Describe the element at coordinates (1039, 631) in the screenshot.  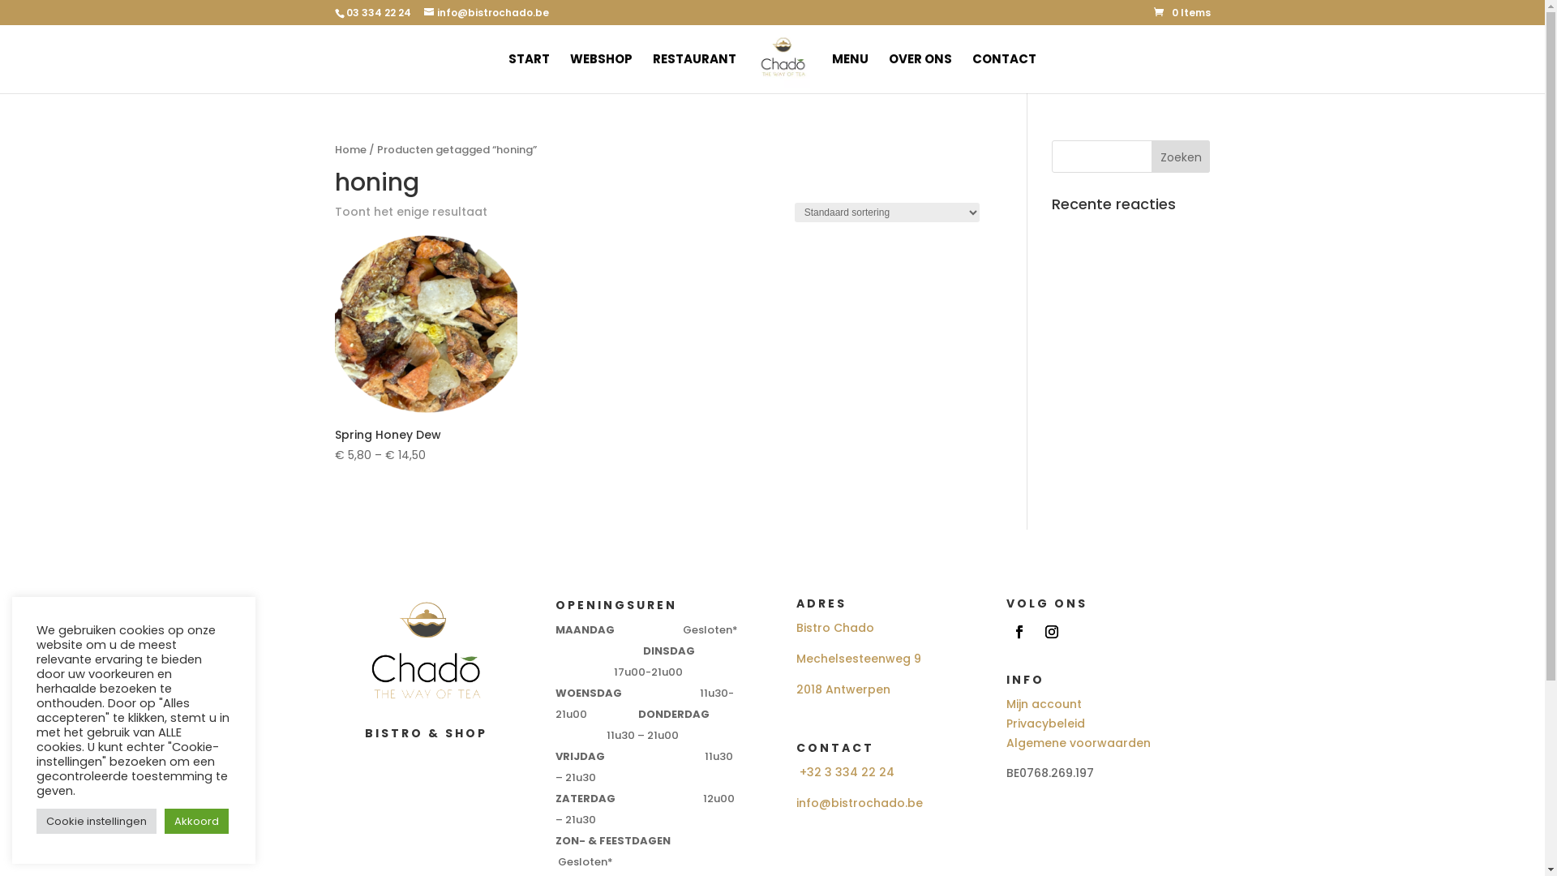
I see `'Follow on Instagram'` at that location.